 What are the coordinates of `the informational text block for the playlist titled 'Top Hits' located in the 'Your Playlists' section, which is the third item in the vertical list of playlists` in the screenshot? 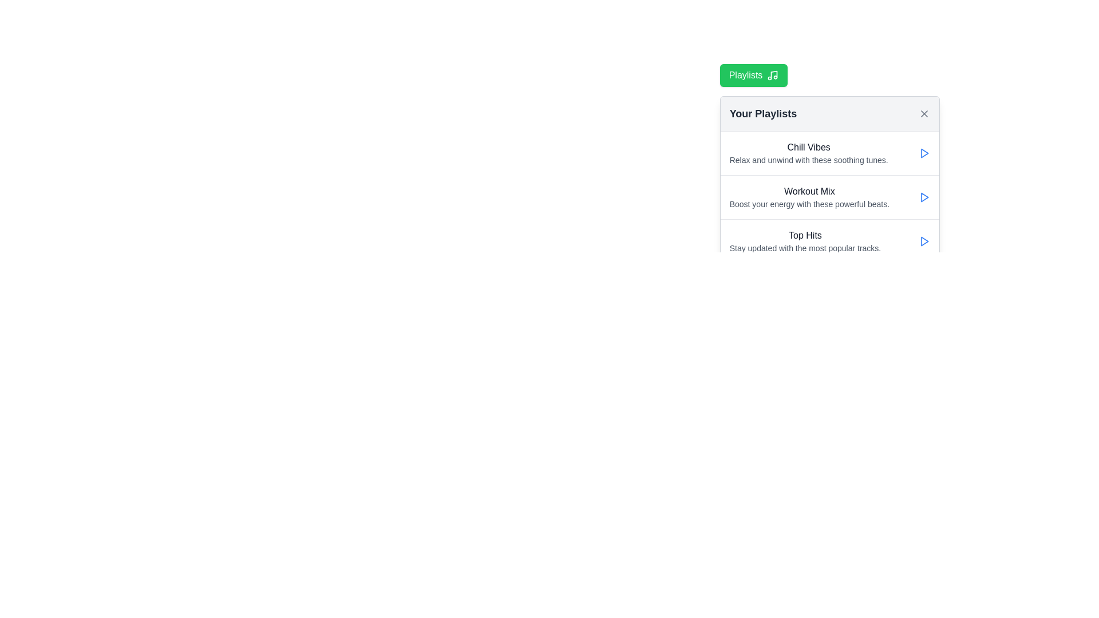 It's located at (804, 240).